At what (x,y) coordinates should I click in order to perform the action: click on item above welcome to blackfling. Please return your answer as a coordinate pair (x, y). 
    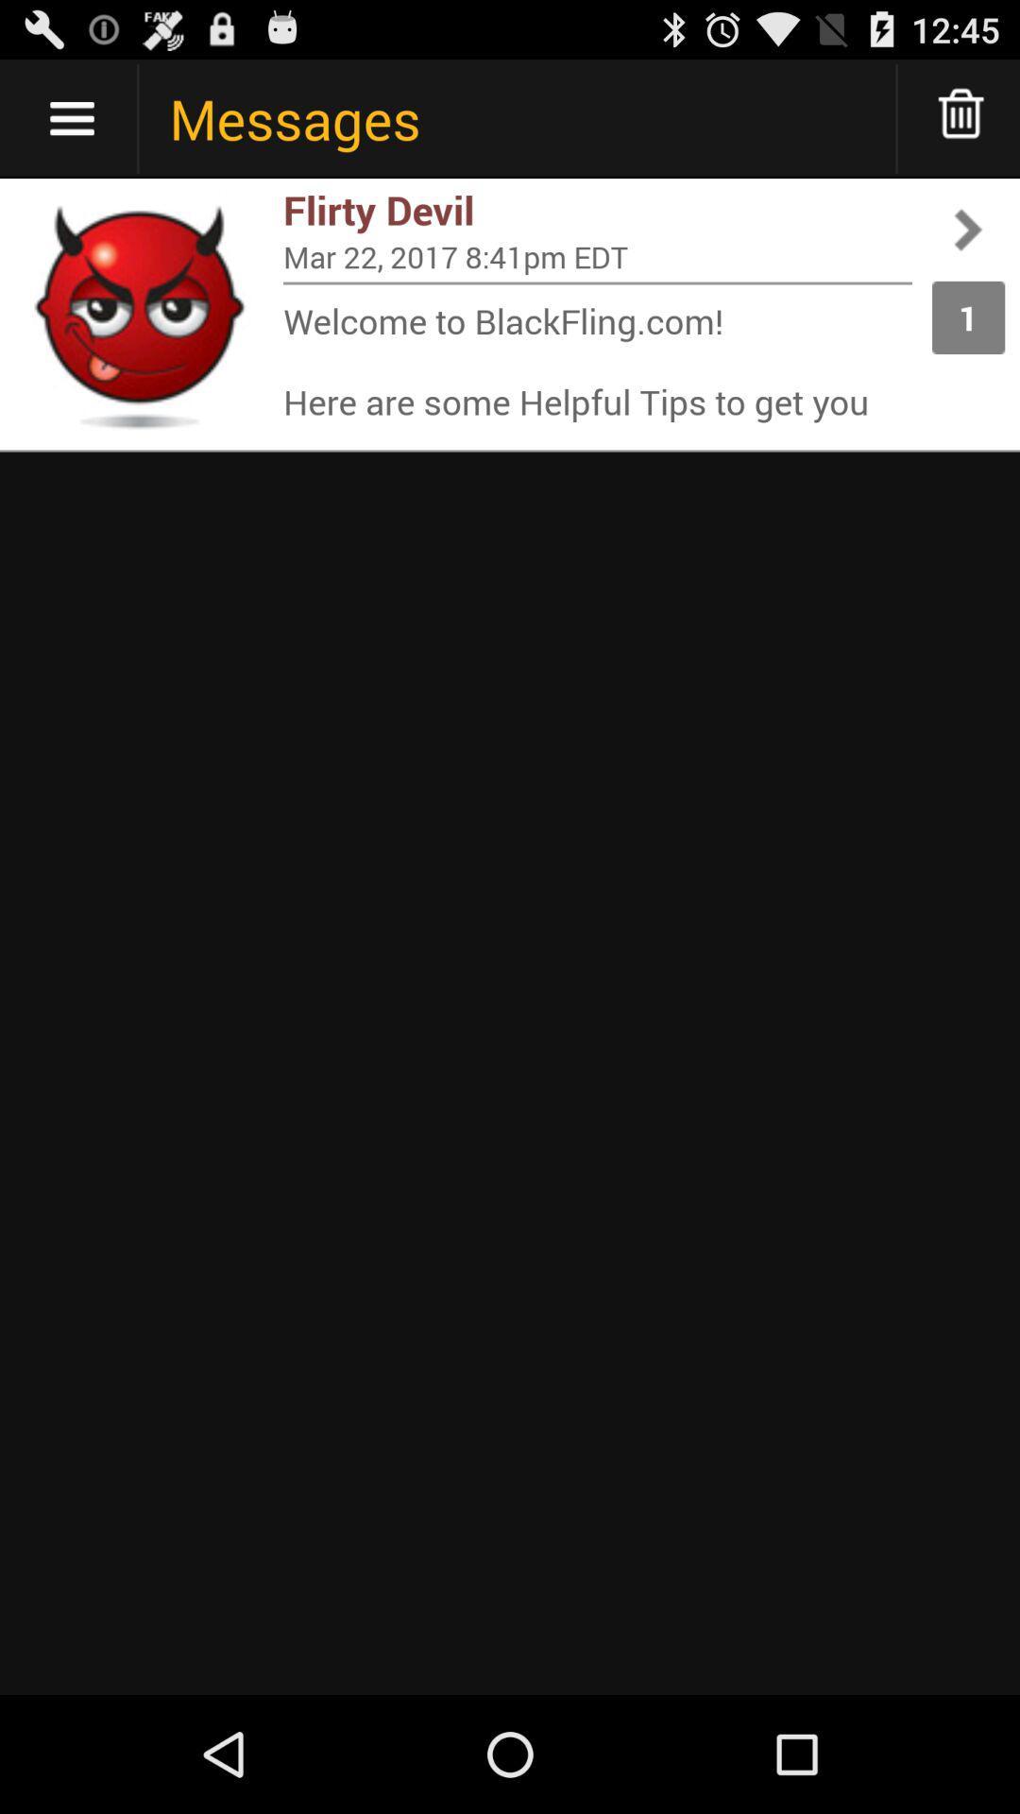
    Looking at the image, I should click on (597, 282).